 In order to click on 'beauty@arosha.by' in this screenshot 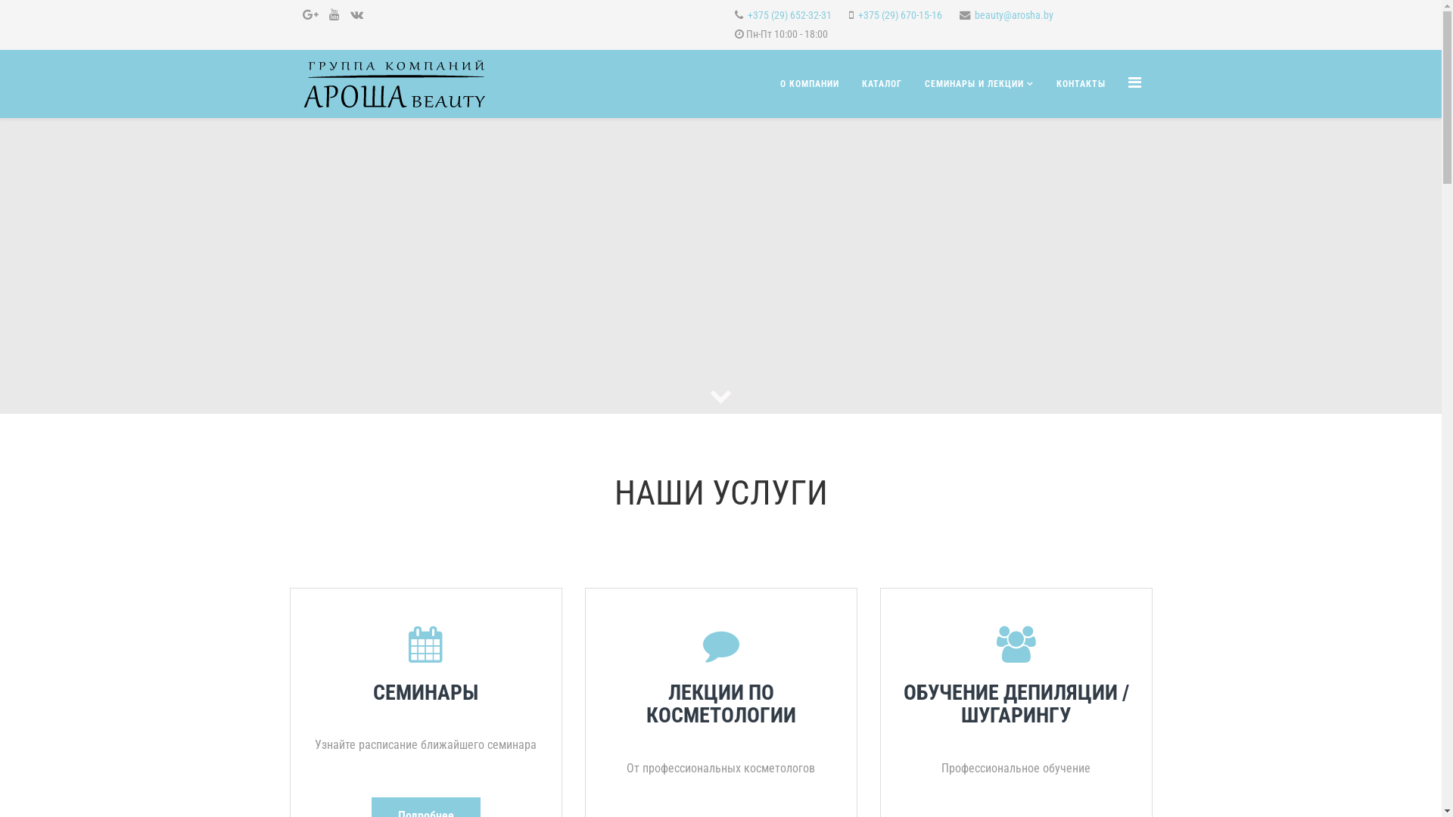, I will do `click(1013, 15)`.